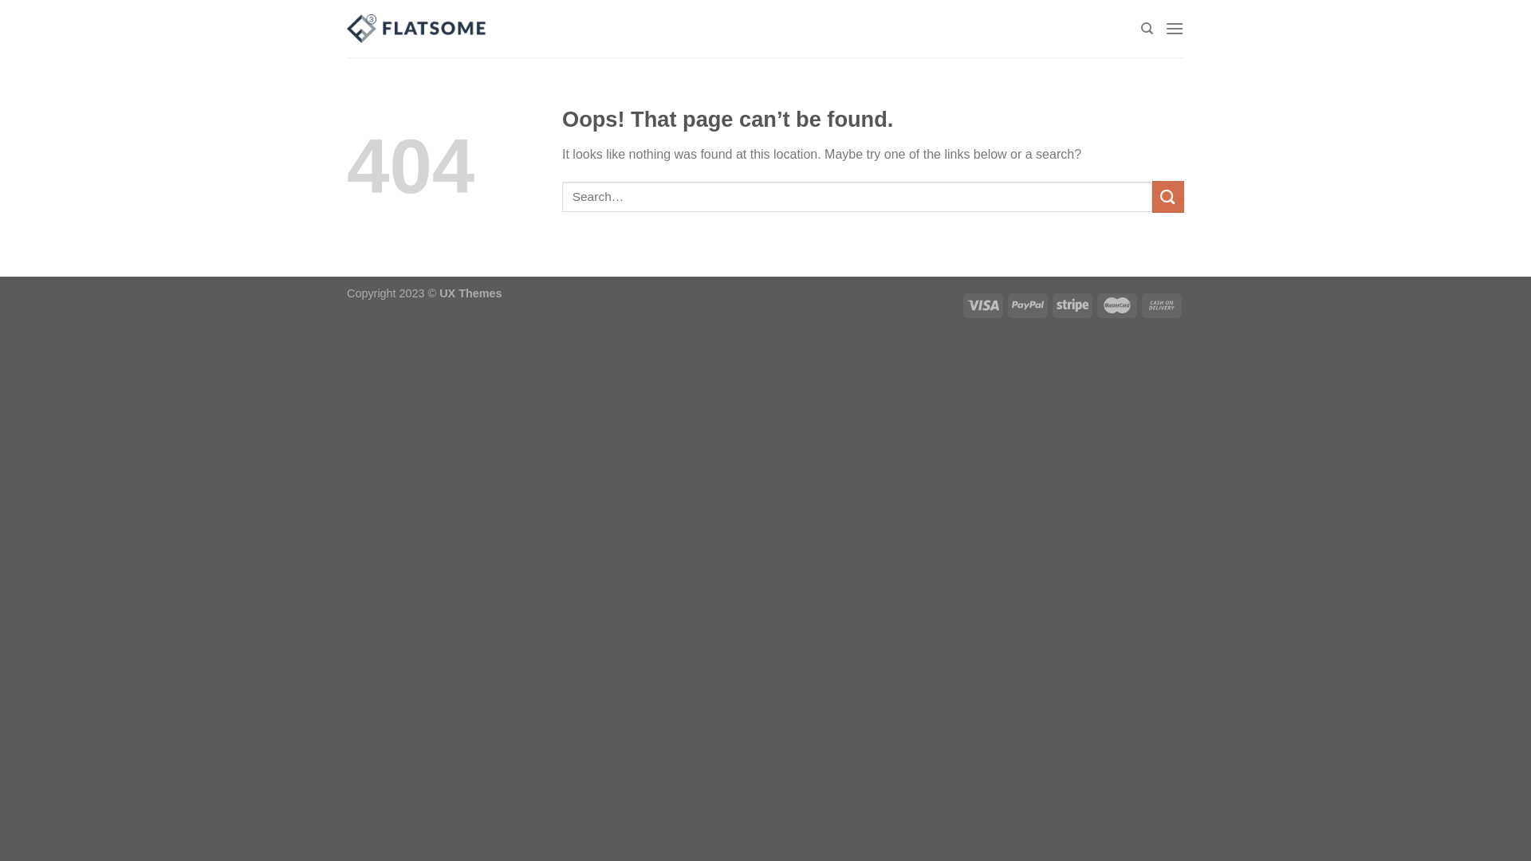  What do you see at coordinates (0, 0) in the screenshot?
I see `'Skip to content'` at bounding box center [0, 0].